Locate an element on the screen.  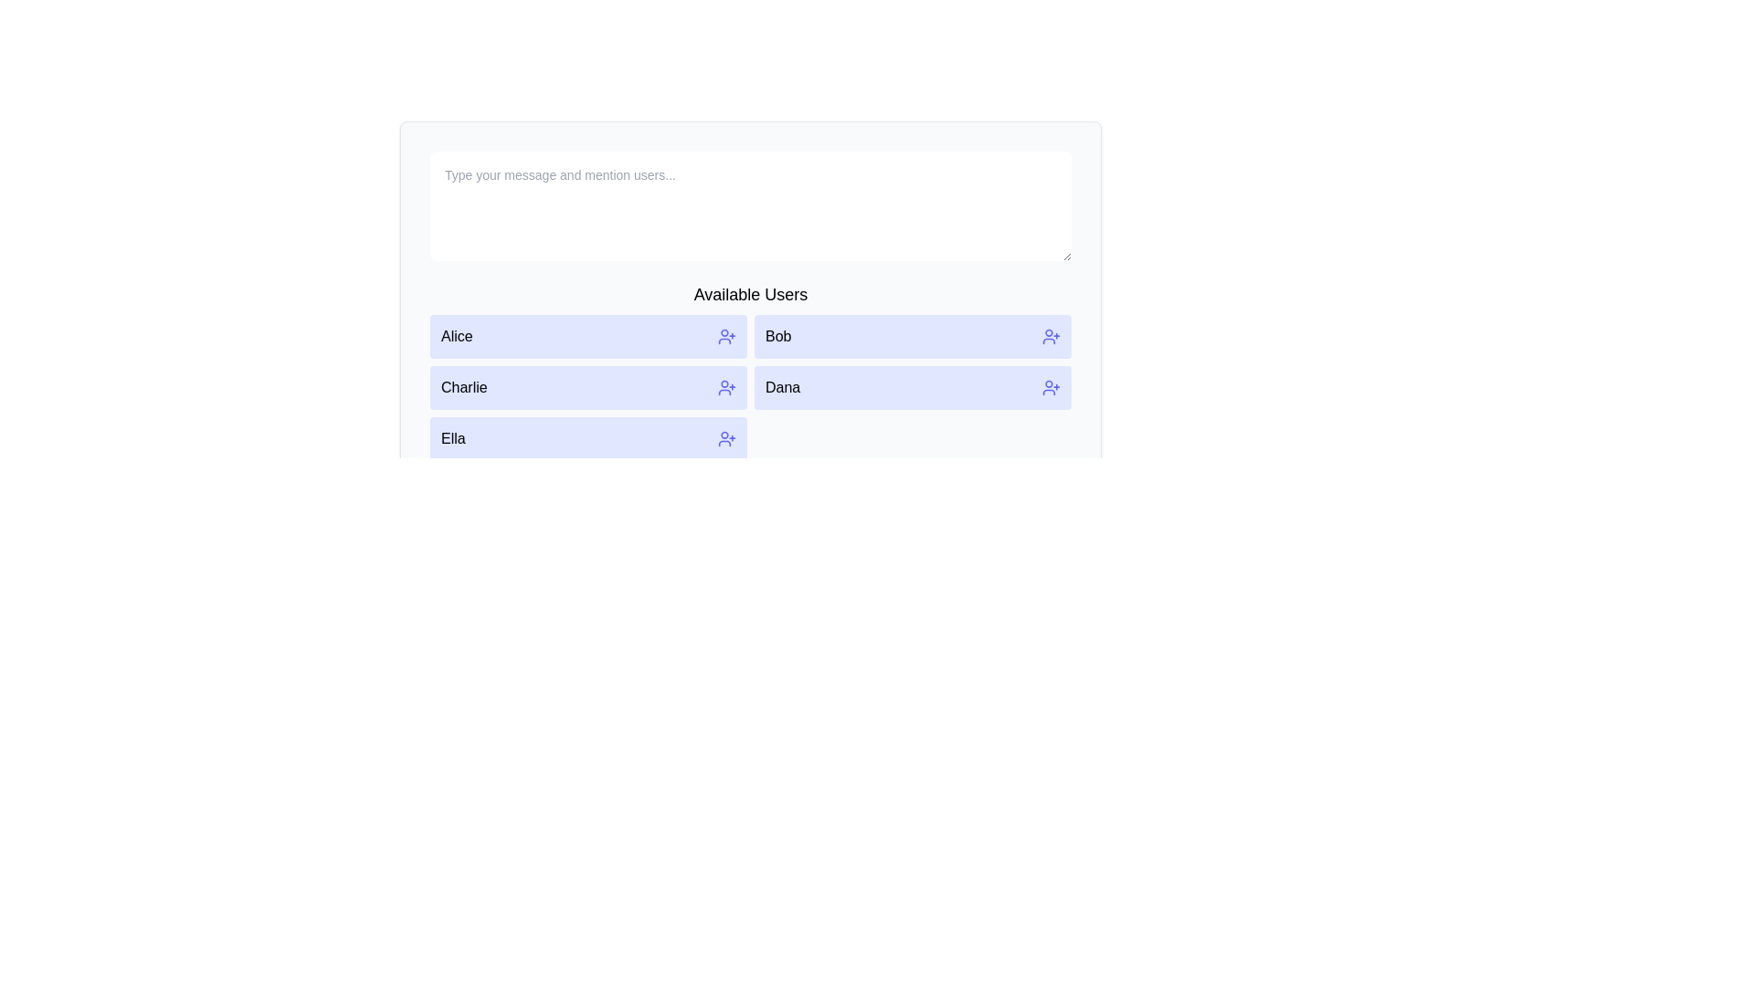
the indigo user silhouette icon with a plus sign located to the right of 'Dana' in the list of available users is located at coordinates (1051, 386).